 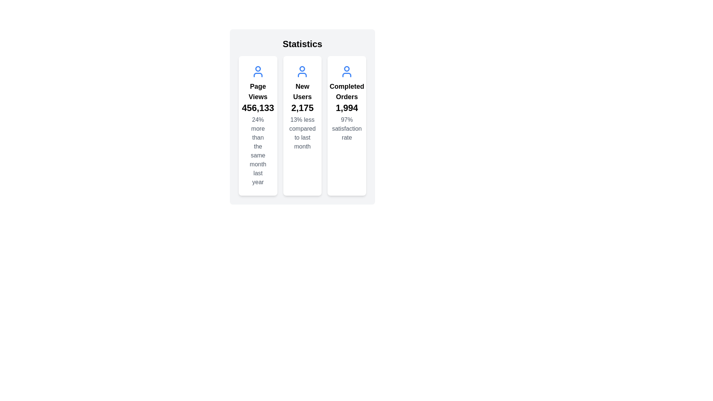 I want to click on Circular SVG element that represents the user's head in an abstract iconographic style, located at the top center of the user icon, by clicking on it, so click(x=302, y=69).